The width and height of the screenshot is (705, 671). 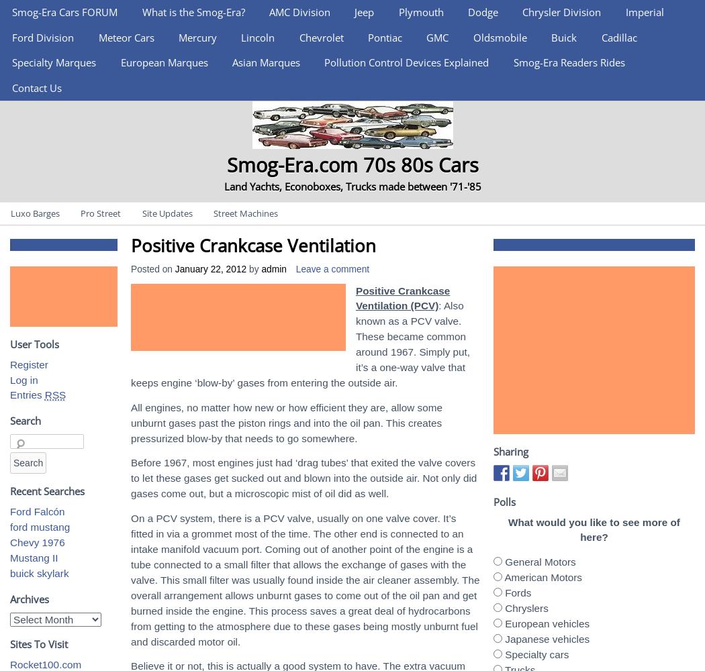 I want to click on 'ford mustang', so click(x=39, y=527).